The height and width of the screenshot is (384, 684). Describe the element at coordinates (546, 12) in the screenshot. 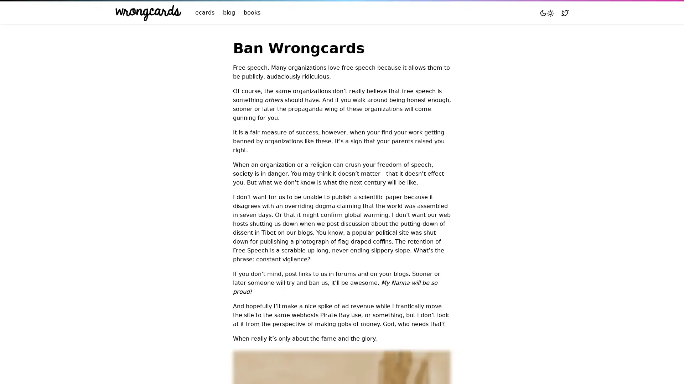

I see `Toggle mode` at that location.